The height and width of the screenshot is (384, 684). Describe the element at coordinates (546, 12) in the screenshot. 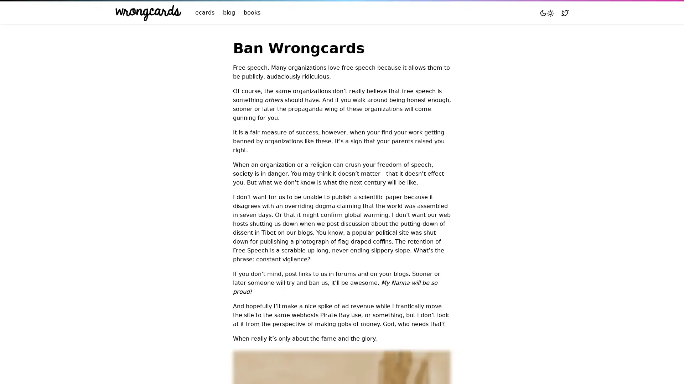

I see `Toggle mode` at that location.